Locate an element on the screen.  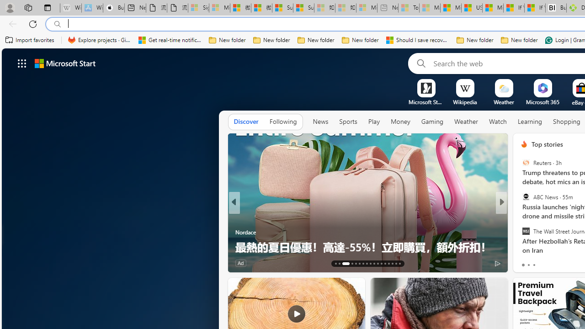
'Import favorites' is located at coordinates (30, 40).